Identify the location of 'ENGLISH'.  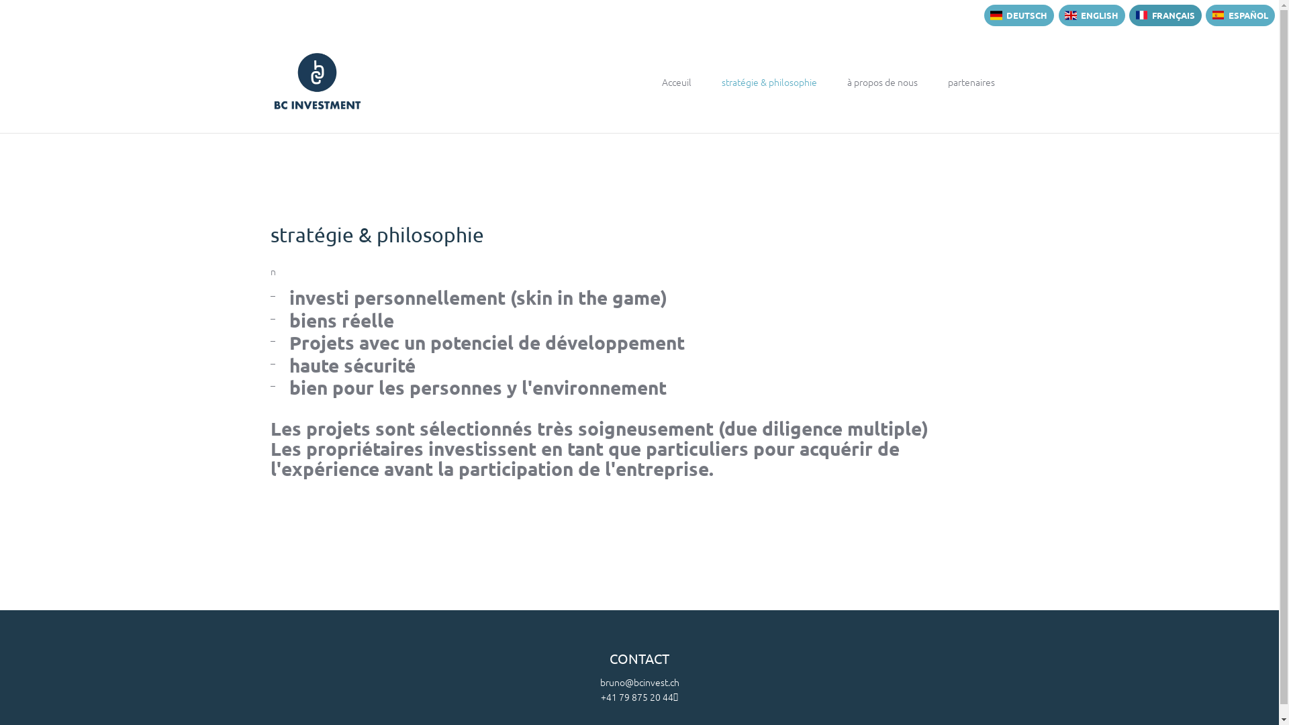
(1092, 15).